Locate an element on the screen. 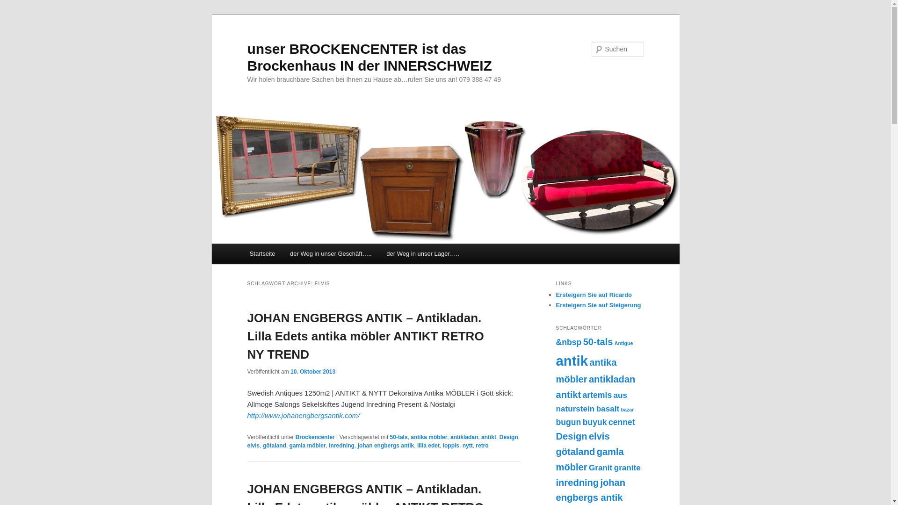 The width and height of the screenshot is (898, 505). '50-tals' is located at coordinates (399, 437).